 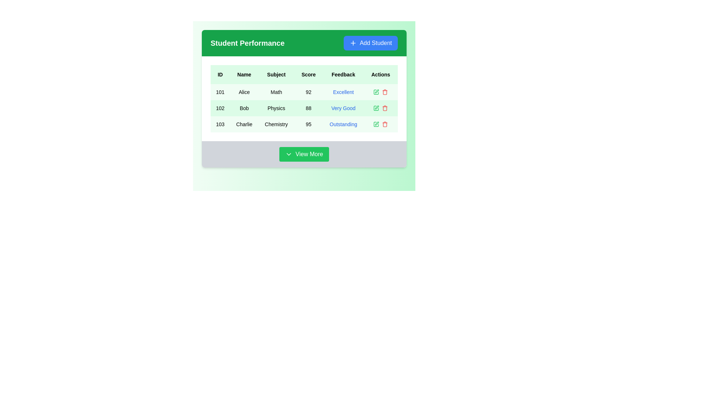 What do you see at coordinates (380, 108) in the screenshot?
I see `the edit button located in the 'Actions' column for the student record with ID '102' and Name 'Bob'` at bounding box center [380, 108].